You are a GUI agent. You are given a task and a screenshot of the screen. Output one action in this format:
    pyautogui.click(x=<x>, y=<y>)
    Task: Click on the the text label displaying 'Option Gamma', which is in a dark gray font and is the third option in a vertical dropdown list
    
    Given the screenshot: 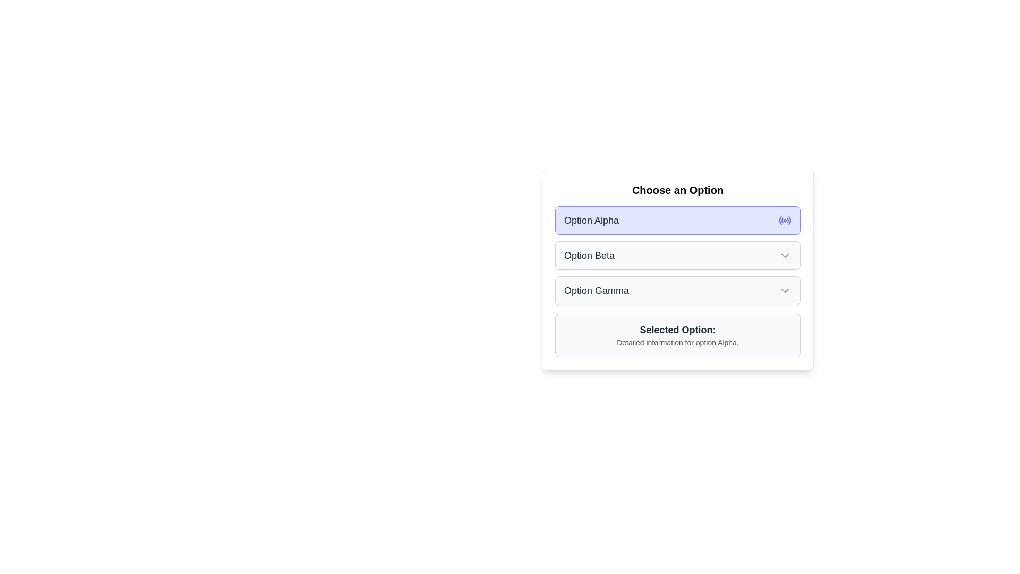 What is the action you would take?
    pyautogui.click(x=597, y=291)
    